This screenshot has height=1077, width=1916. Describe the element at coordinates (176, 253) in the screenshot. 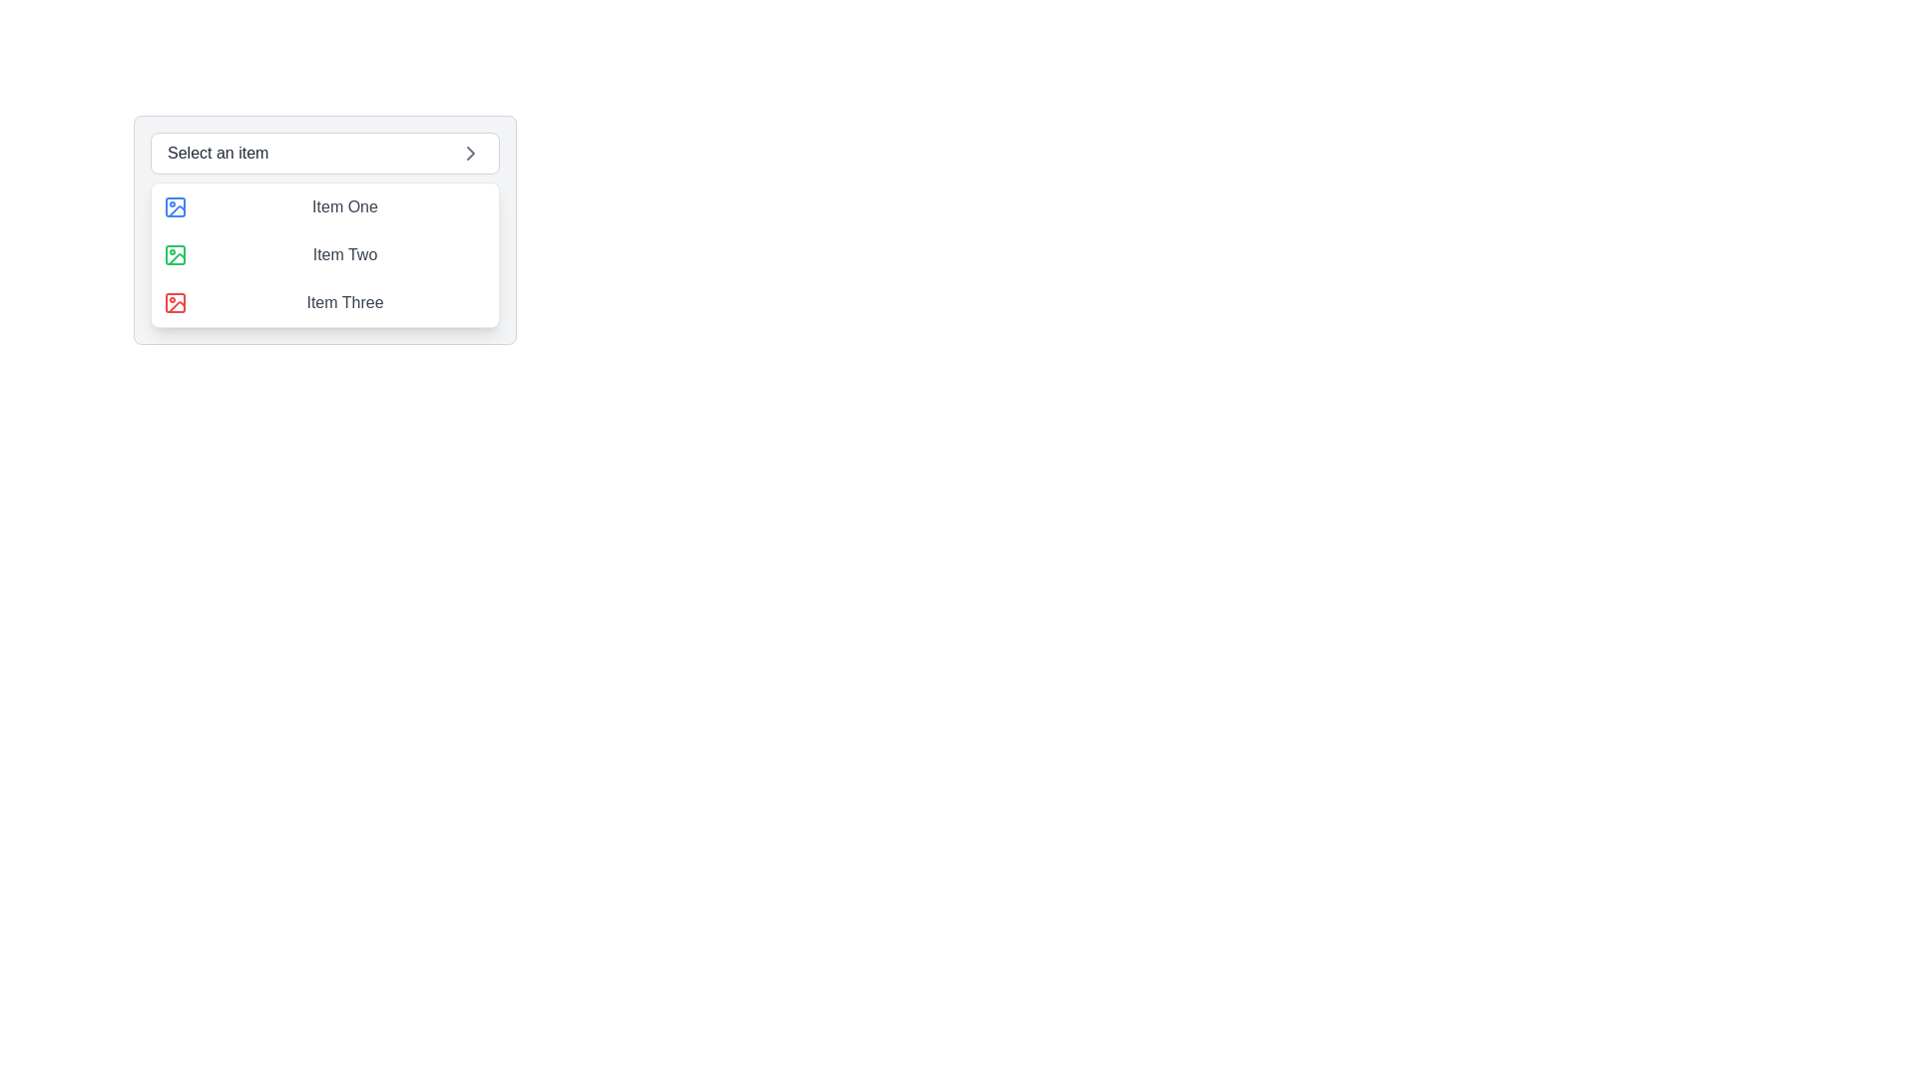

I see `the visual icon or emblem located on the left side of the second item in the dropdown list, which serves as a graphic indicator for that item` at that location.